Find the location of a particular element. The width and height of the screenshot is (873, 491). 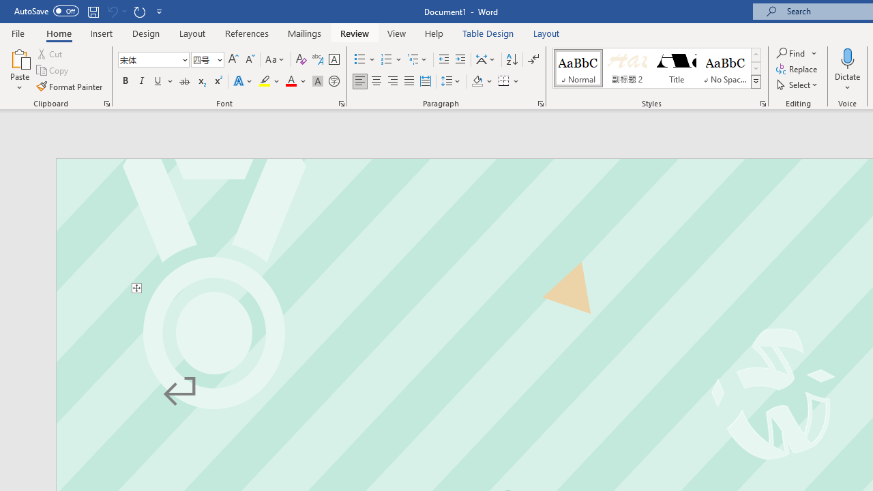

'Font Color Red' is located at coordinates (290, 81).